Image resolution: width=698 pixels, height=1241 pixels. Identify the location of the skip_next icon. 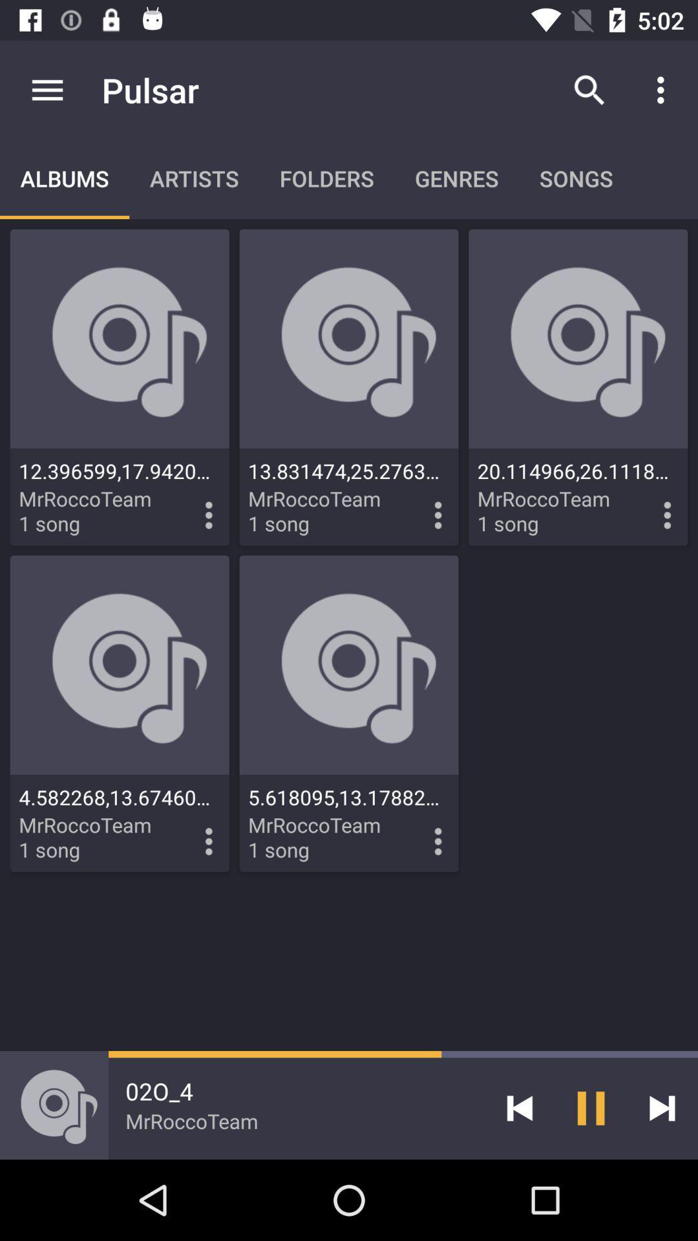
(662, 1107).